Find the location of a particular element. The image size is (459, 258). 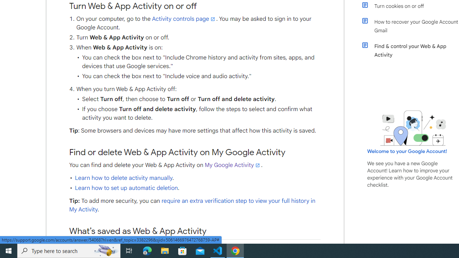

' Activity controls page' is located at coordinates (184, 19).